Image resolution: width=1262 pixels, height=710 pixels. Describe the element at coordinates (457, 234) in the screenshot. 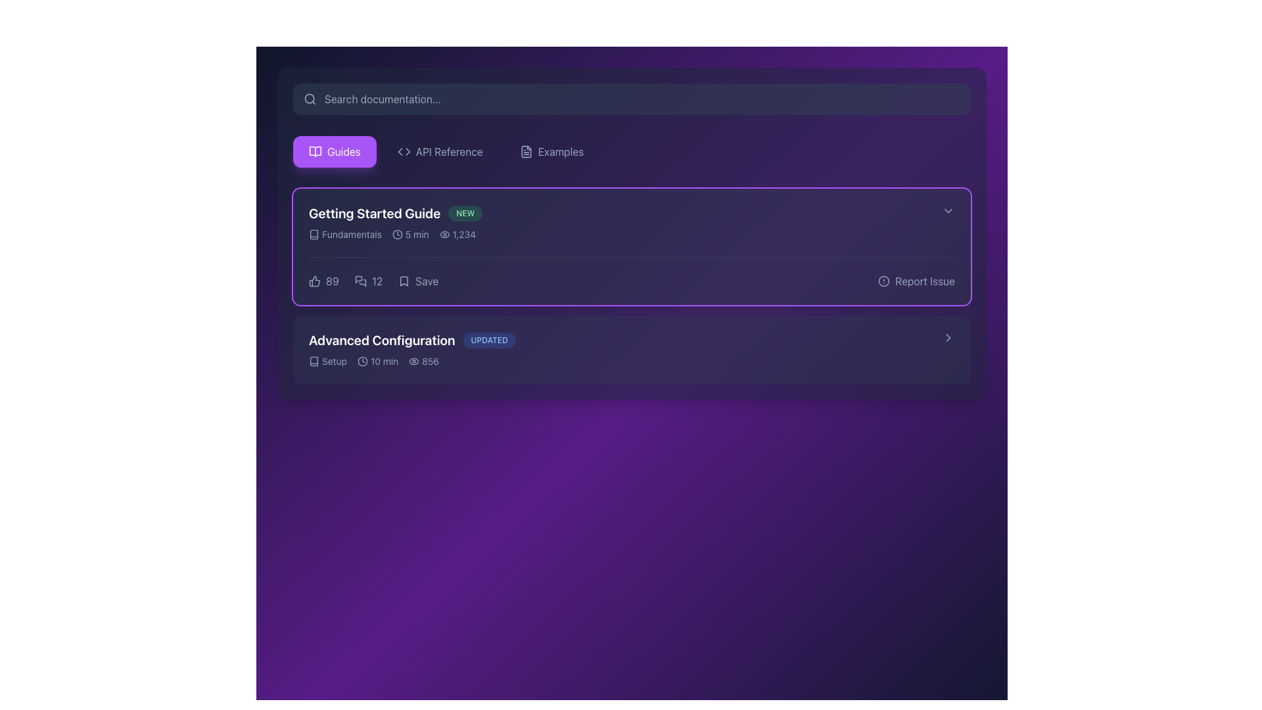

I see `the text element displaying '1,234' next to an eye icon, which indicates the view count, styled with a white font on a purple background` at that location.